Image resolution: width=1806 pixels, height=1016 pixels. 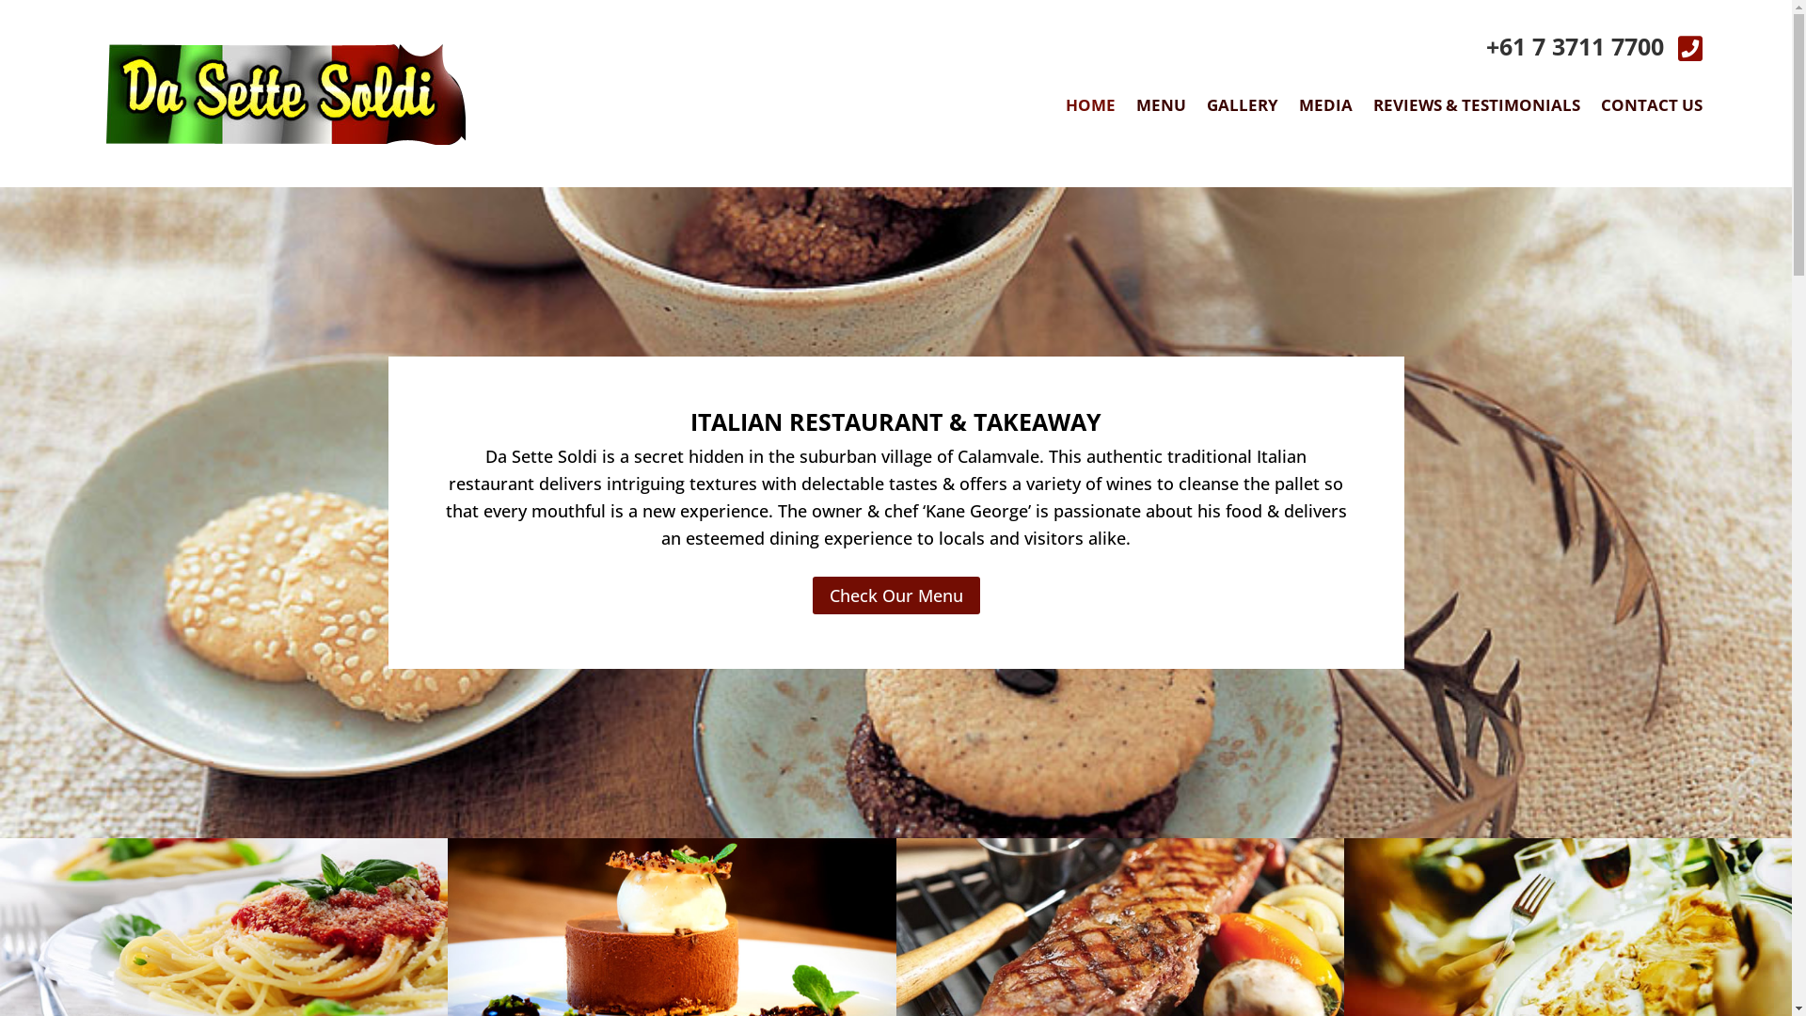 I want to click on 'HOME', so click(x=1065, y=108).